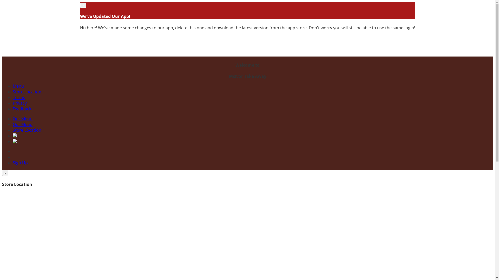 The width and height of the screenshot is (499, 280). Describe the element at coordinates (27, 92) in the screenshot. I see `'Store Location'` at that location.